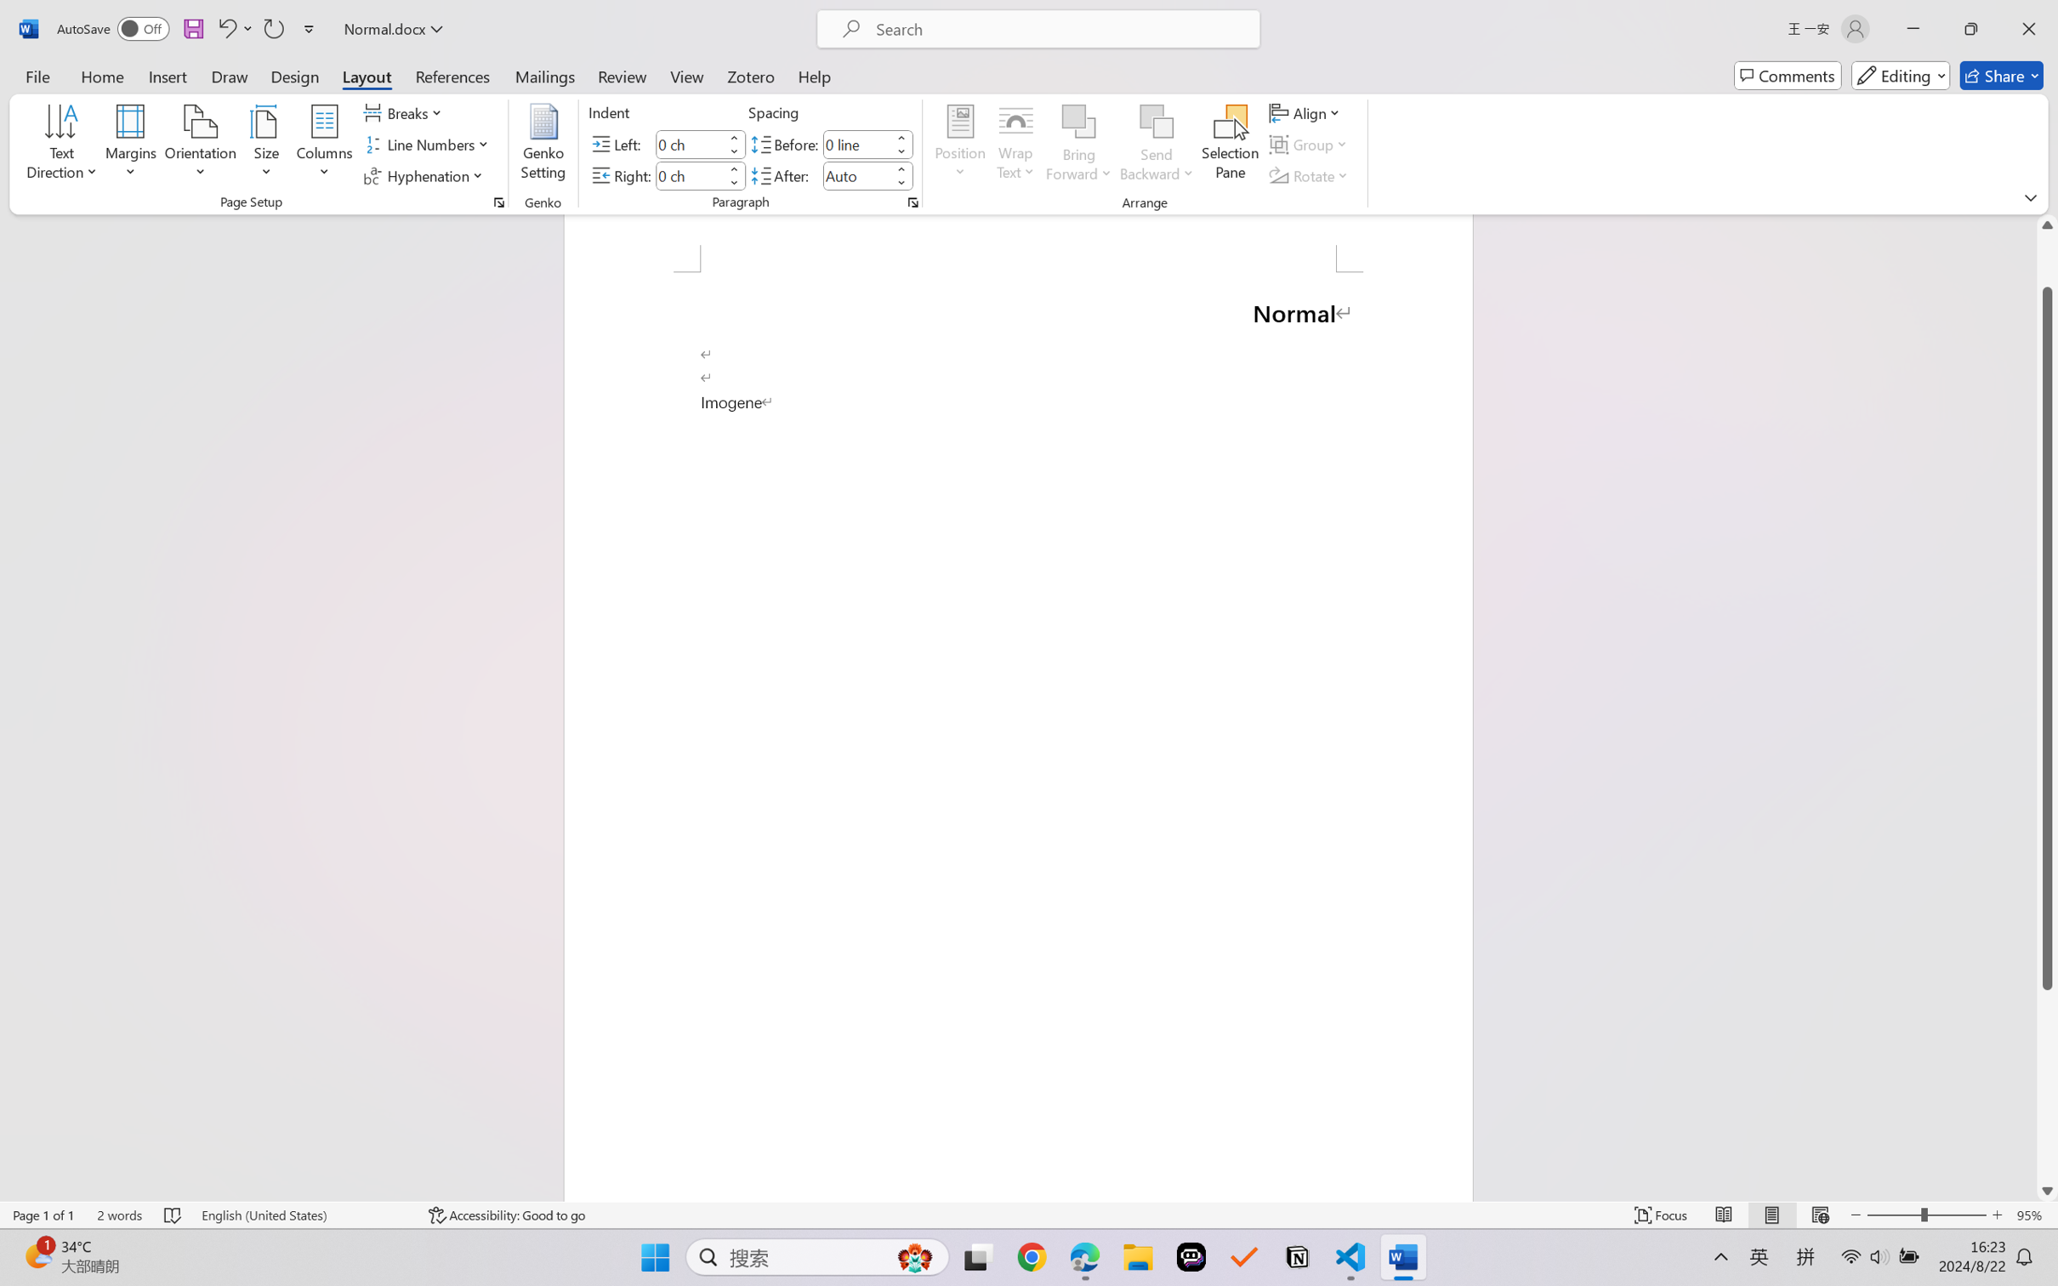  What do you see at coordinates (544, 145) in the screenshot?
I see `'Genko Setting...'` at bounding box center [544, 145].